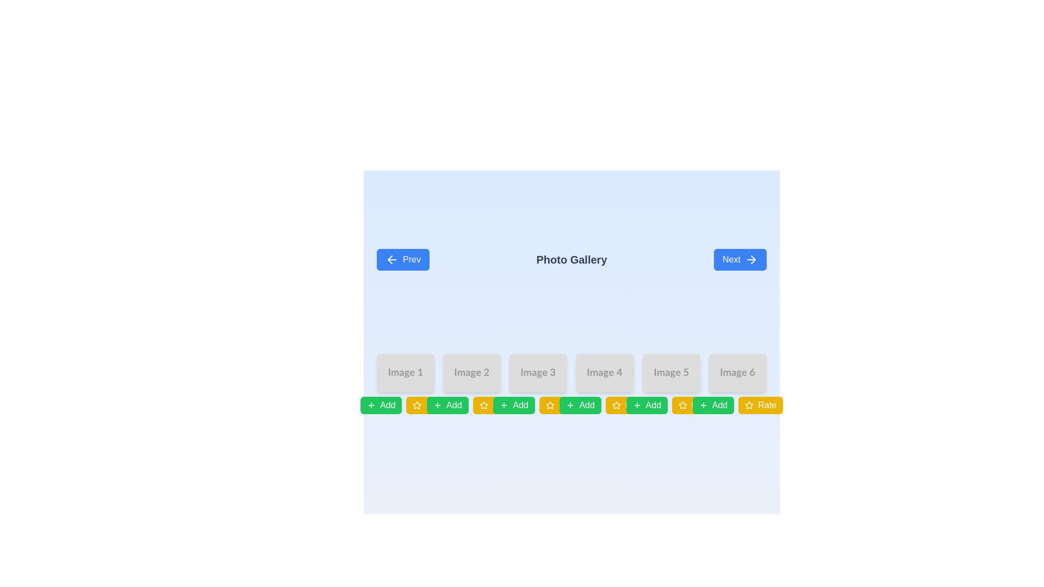 The width and height of the screenshot is (1044, 587). What do you see at coordinates (381, 405) in the screenshot?
I see `the first button in the row located below the image thumbnail labeled 'Image 1'` at bounding box center [381, 405].